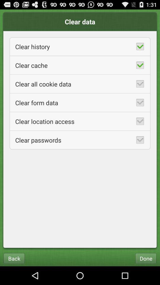  Describe the element at coordinates (80, 65) in the screenshot. I see `the clear cache` at that location.